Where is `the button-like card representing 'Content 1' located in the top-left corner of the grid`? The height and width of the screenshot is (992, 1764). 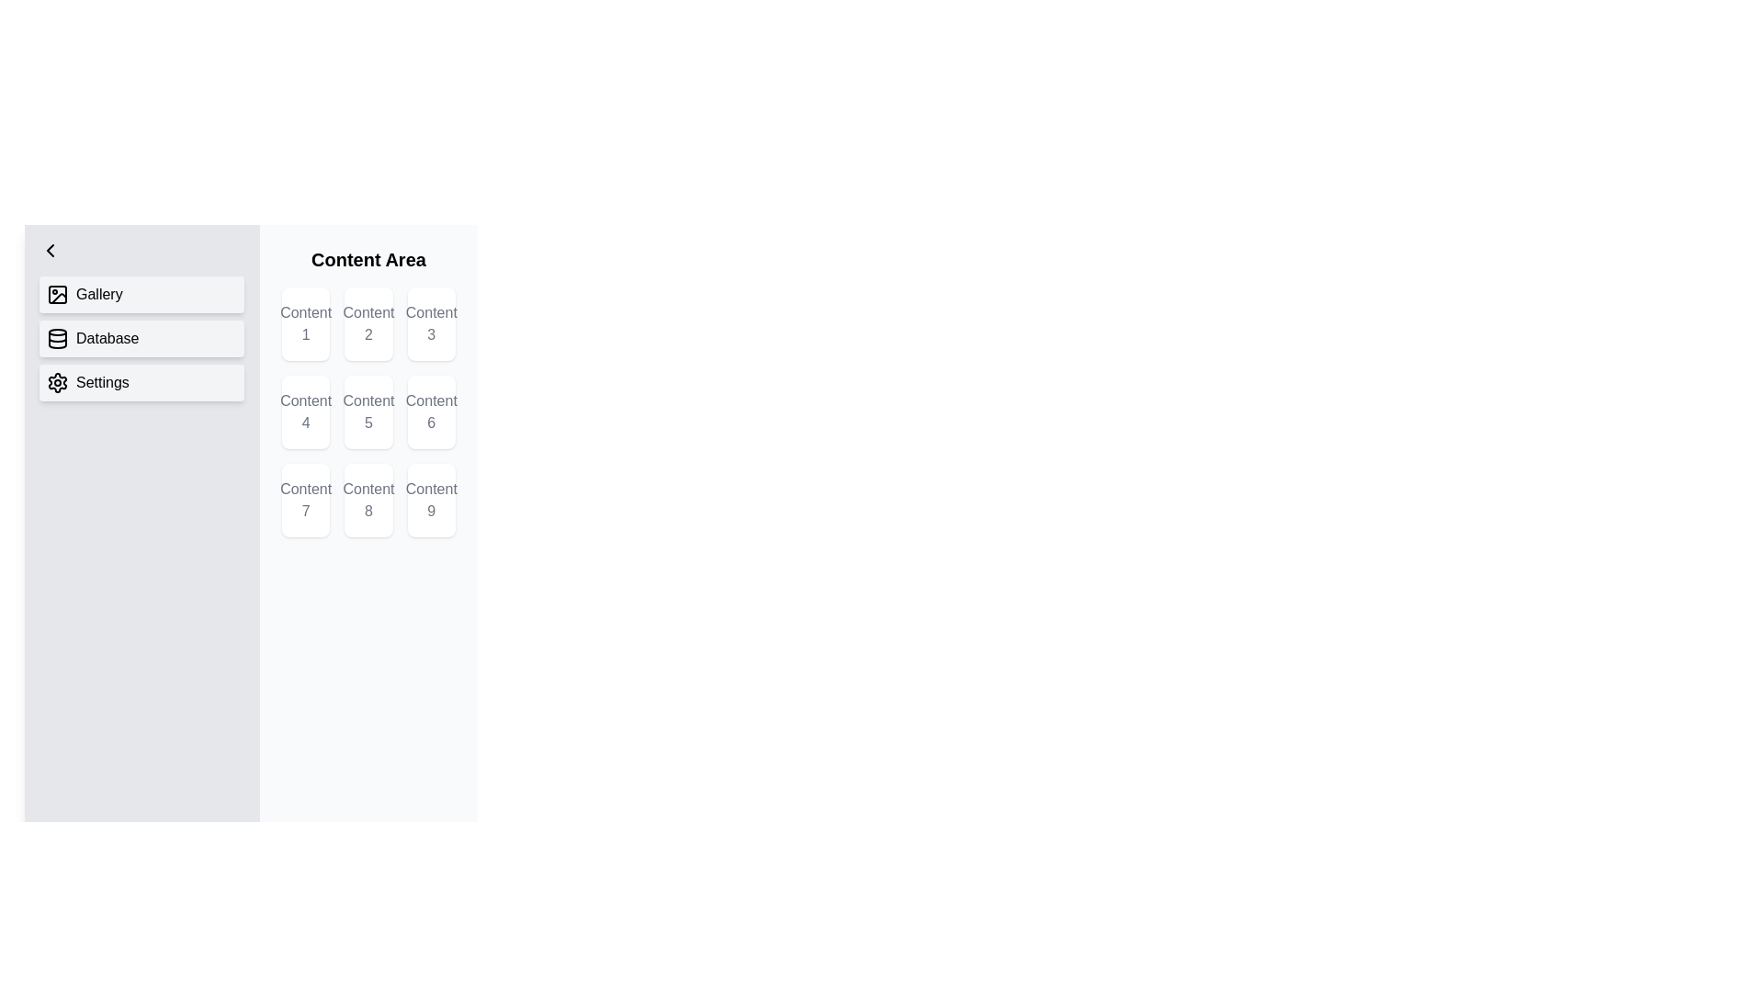 the button-like card representing 'Content 1' located in the top-left corner of the grid is located at coordinates (306, 323).